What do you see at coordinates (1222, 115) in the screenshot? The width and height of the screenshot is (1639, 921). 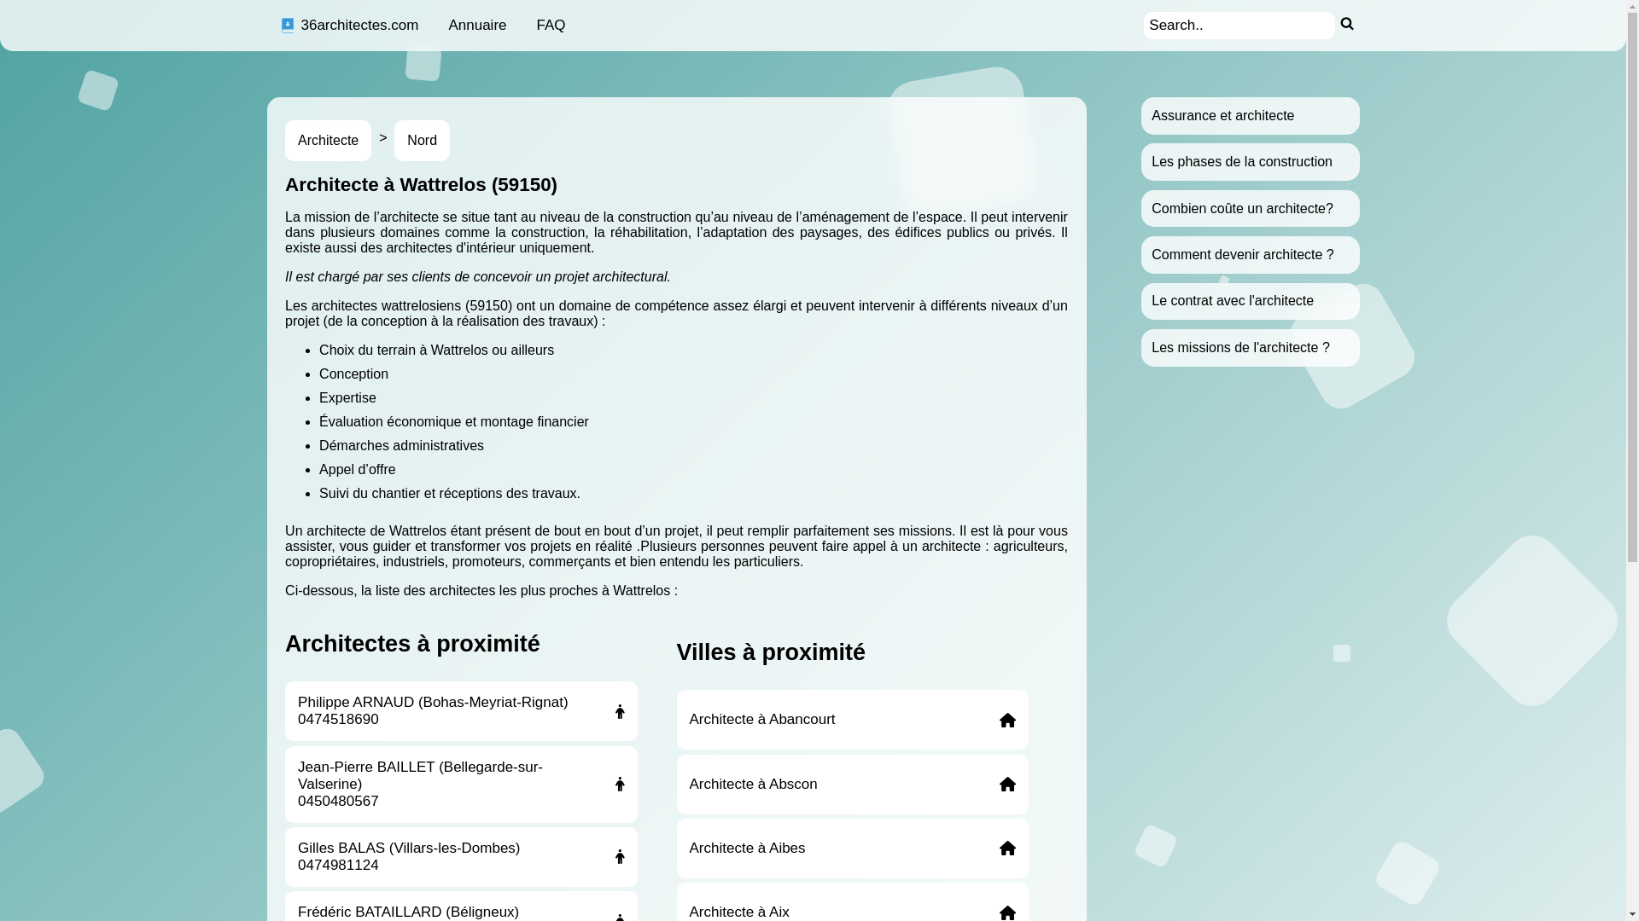 I see `'Assurance et architecte'` at bounding box center [1222, 115].